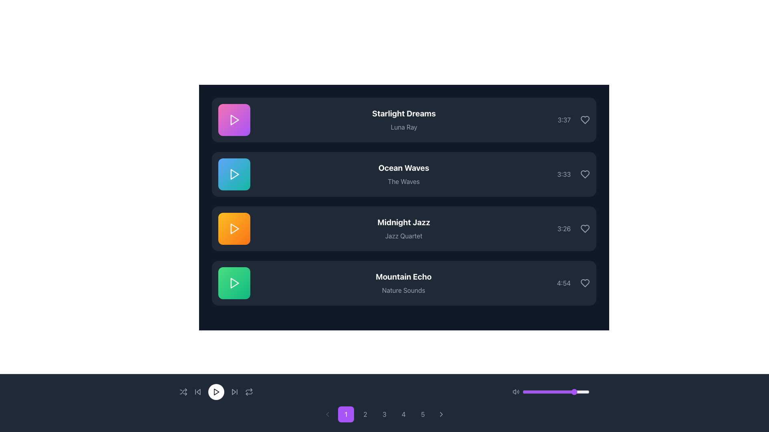 The image size is (769, 432). I want to click on the 'Play' icon button for the 'Ocean Waves' audio track, which is located in the second item of the vertical list of song entries, so click(234, 174).